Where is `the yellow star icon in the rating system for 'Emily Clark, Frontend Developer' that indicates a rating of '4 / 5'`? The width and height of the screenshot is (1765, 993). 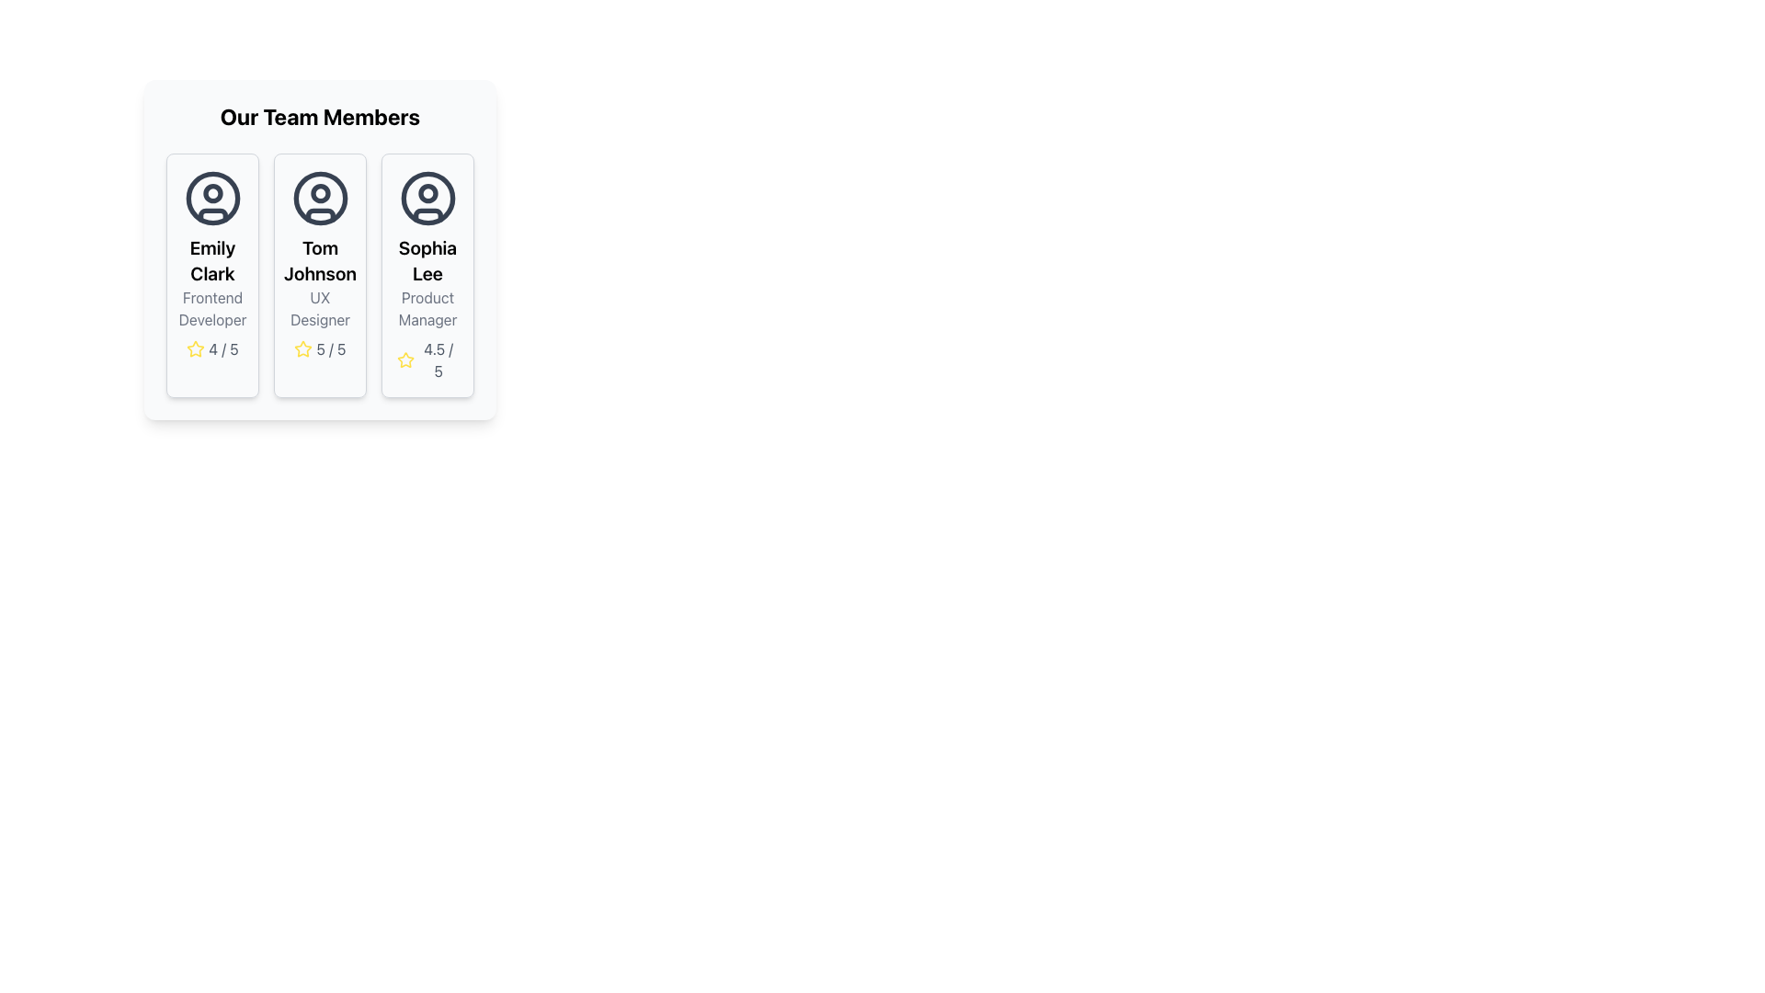
the yellow star icon in the rating system for 'Emily Clark, Frontend Developer' that indicates a rating of '4 / 5' is located at coordinates (196, 349).